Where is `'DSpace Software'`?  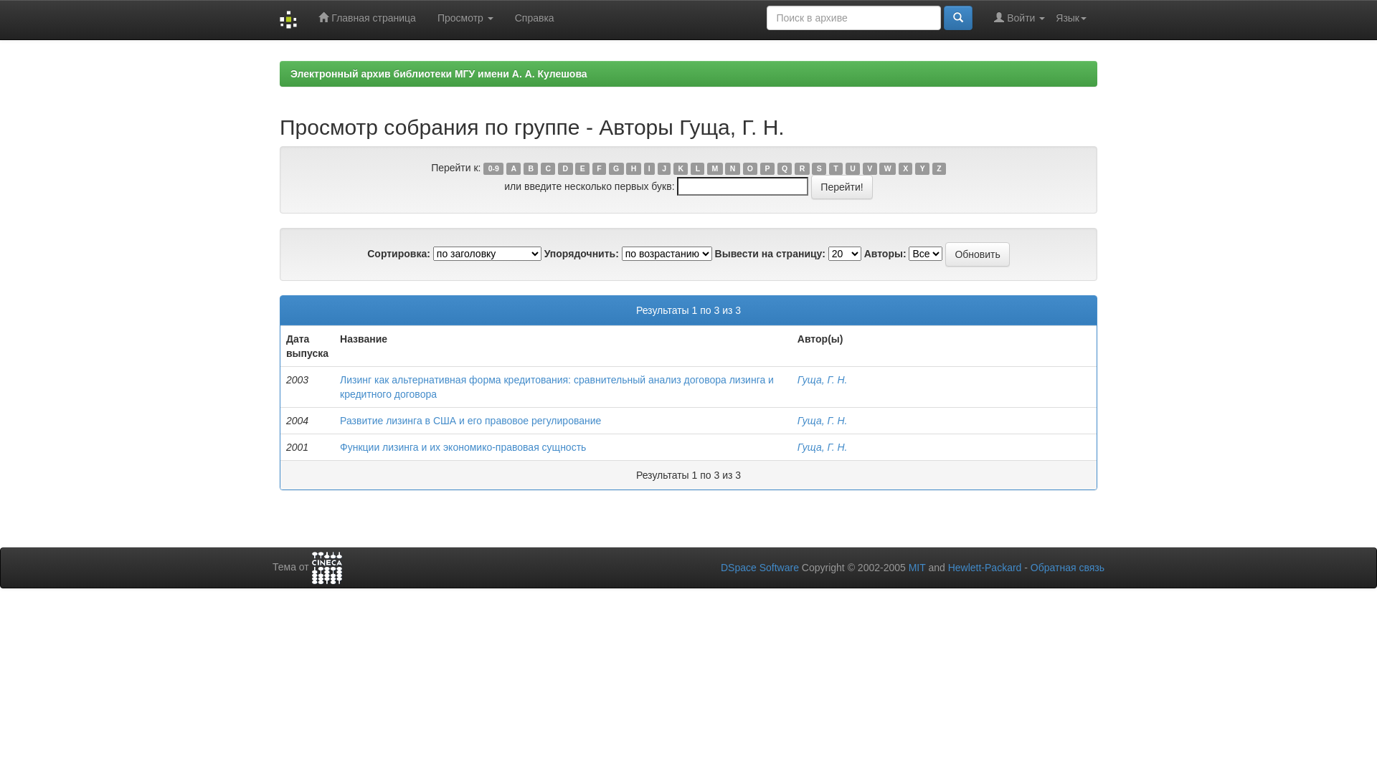 'DSpace Software' is located at coordinates (759, 566).